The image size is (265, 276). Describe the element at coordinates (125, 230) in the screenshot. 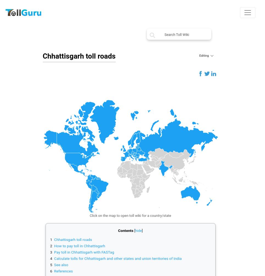

I see `'Contents'` at that location.